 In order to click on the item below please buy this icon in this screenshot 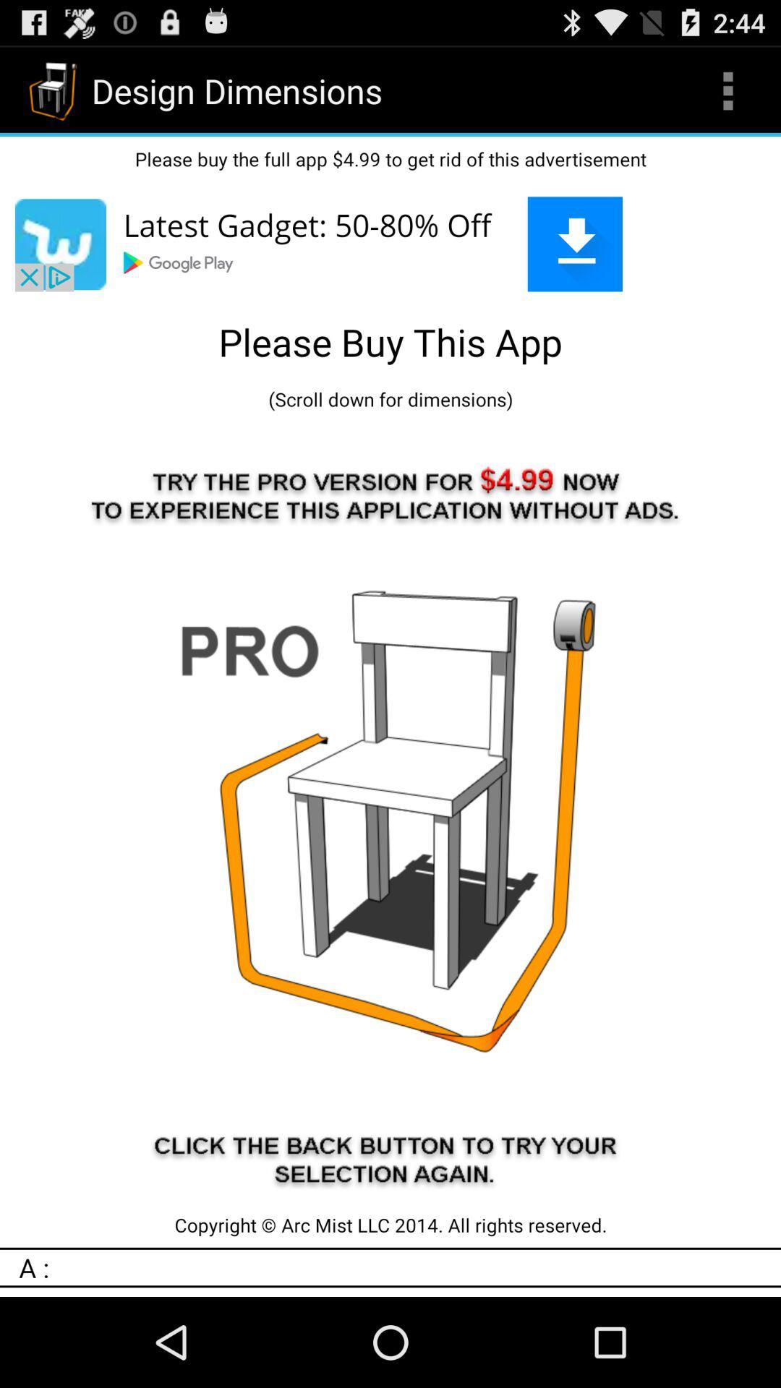, I will do `click(390, 399)`.